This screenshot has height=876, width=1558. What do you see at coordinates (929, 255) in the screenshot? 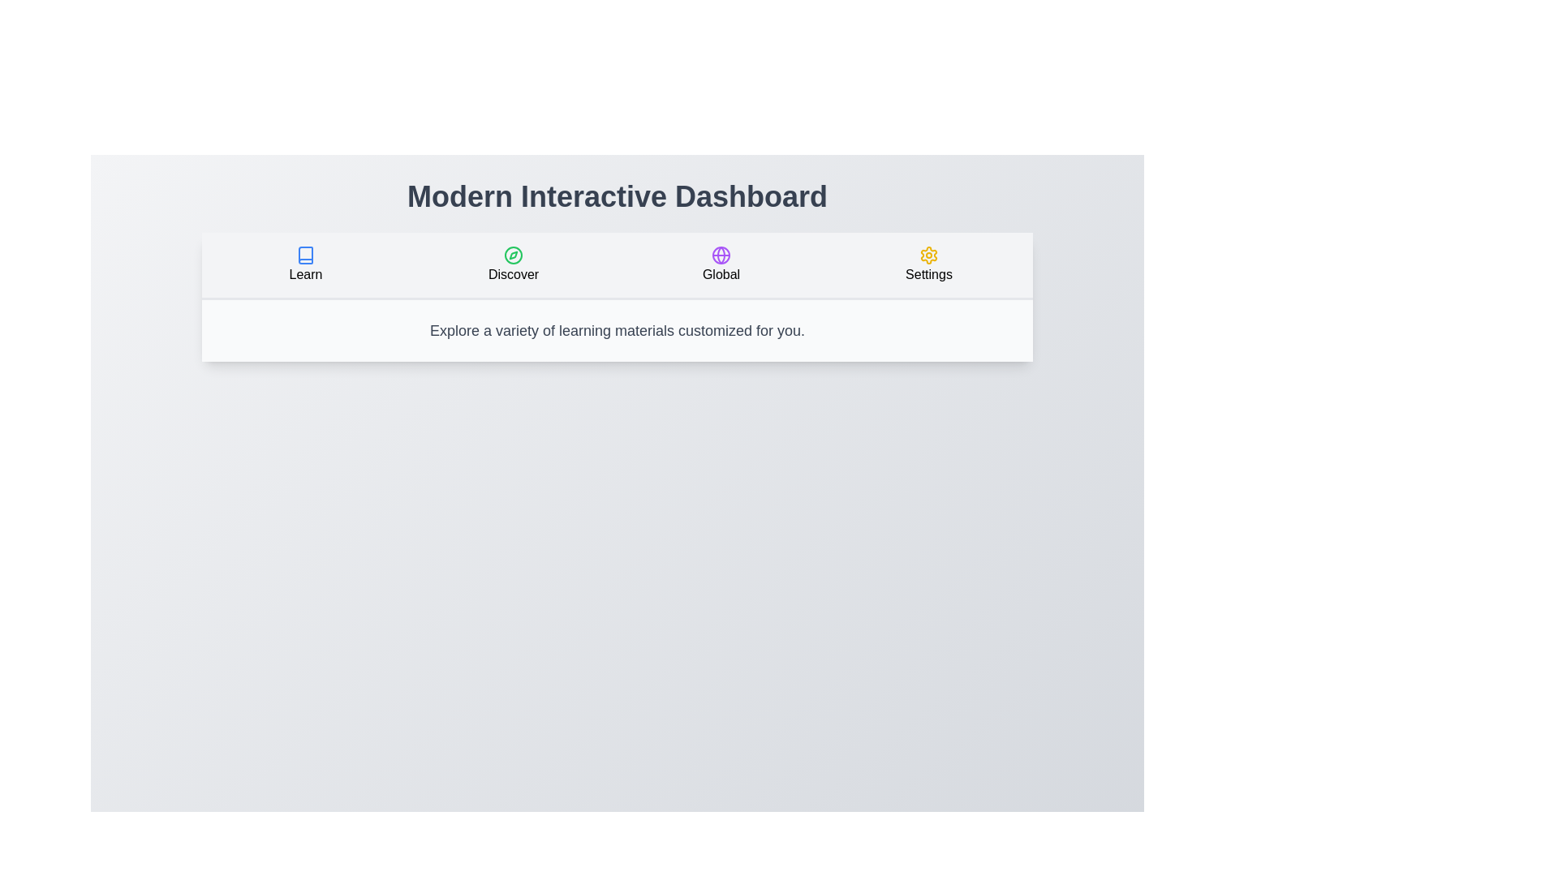
I see `the settings icon located at the top right of the interface, next to the 'Settings' label` at bounding box center [929, 255].